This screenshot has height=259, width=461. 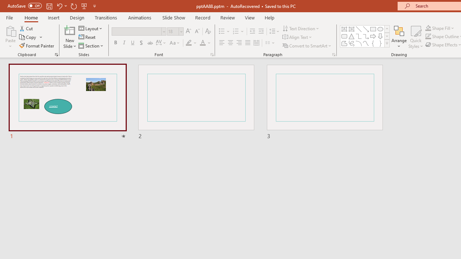 I want to click on 'Font Size', so click(x=173, y=31).